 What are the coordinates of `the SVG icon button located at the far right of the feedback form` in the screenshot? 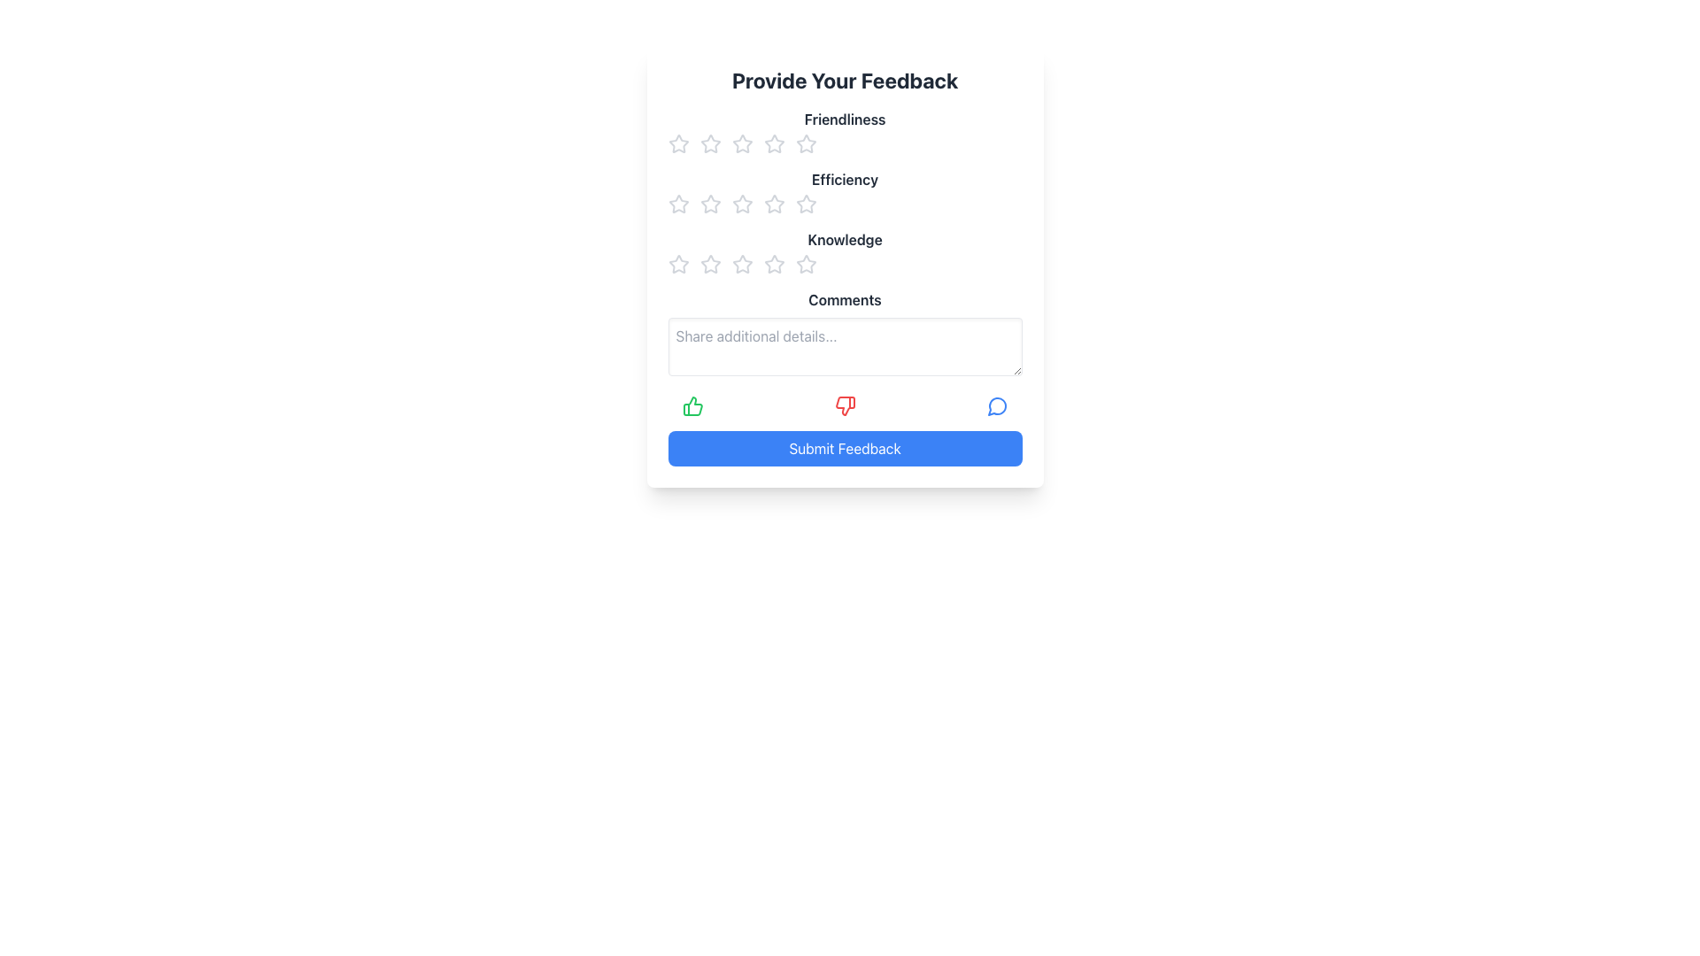 It's located at (997, 406).